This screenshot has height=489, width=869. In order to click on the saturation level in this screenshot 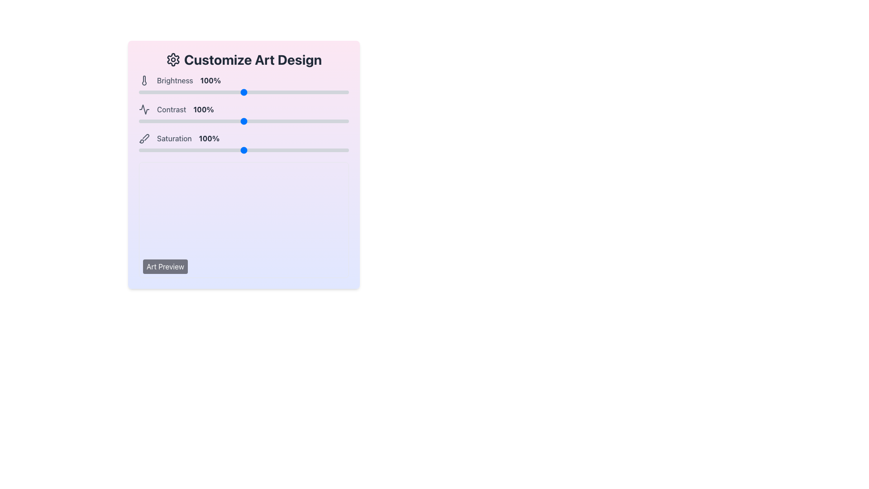, I will do `click(251, 149)`.